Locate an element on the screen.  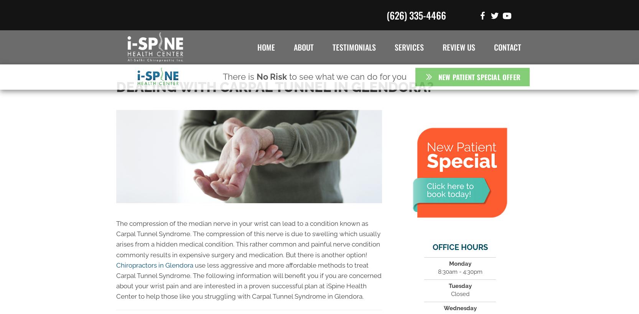
'Wednesday' is located at coordinates (460, 308).